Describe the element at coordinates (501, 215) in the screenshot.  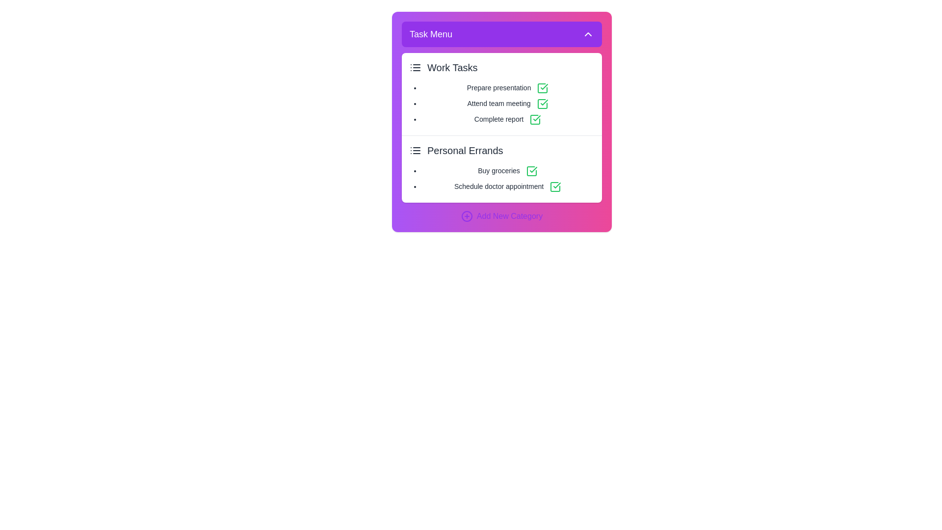
I see `'Add New Category' button` at that location.